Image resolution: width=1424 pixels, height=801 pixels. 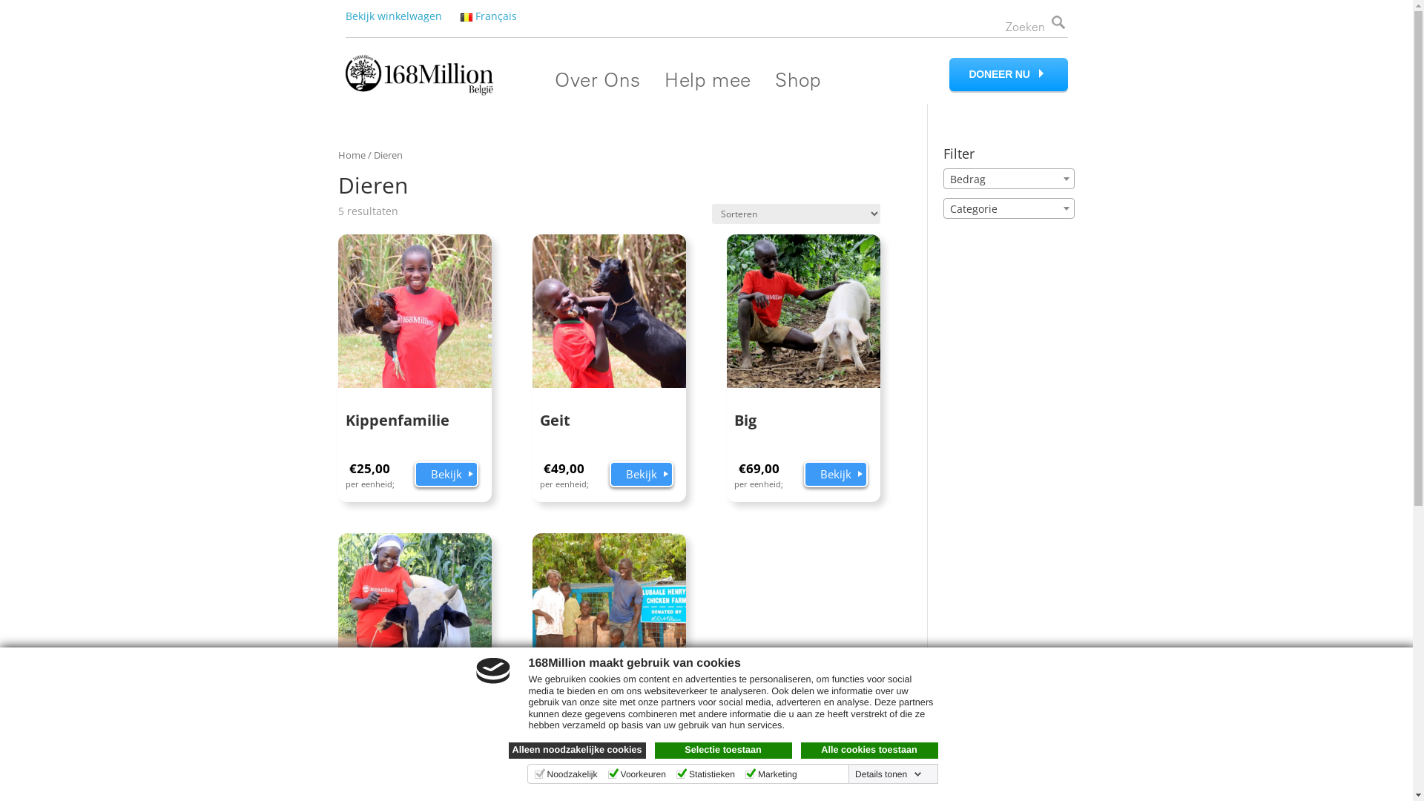 What do you see at coordinates (641, 475) in the screenshot?
I see `'Bekijk'` at bounding box center [641, 475].